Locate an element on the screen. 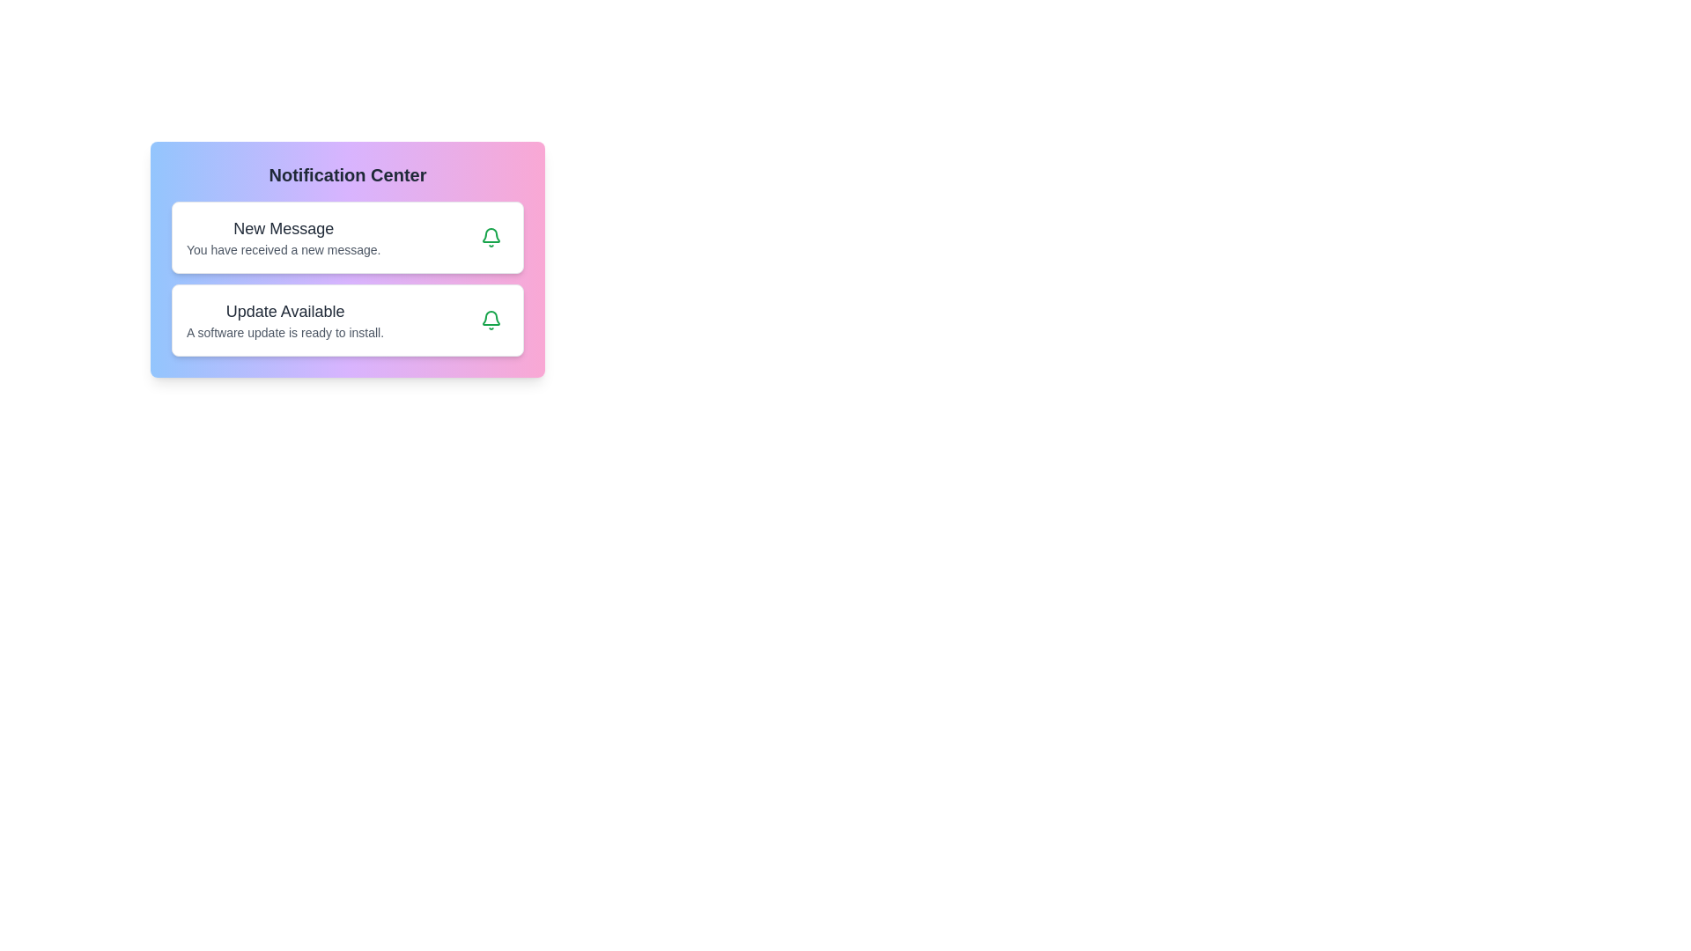  the text element that provides additional information about the update notification, located directly below the title 'Update Available' within the Notification Center widget is located at coordinates (285, 333).